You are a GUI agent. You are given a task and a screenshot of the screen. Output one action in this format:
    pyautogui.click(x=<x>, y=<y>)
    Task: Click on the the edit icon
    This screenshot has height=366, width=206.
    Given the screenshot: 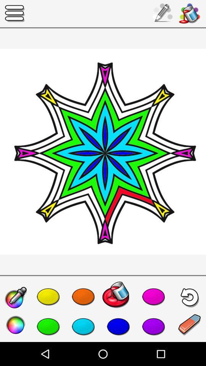 What is the action you would take?
    pyautogui.click(x=16, y=298)
    